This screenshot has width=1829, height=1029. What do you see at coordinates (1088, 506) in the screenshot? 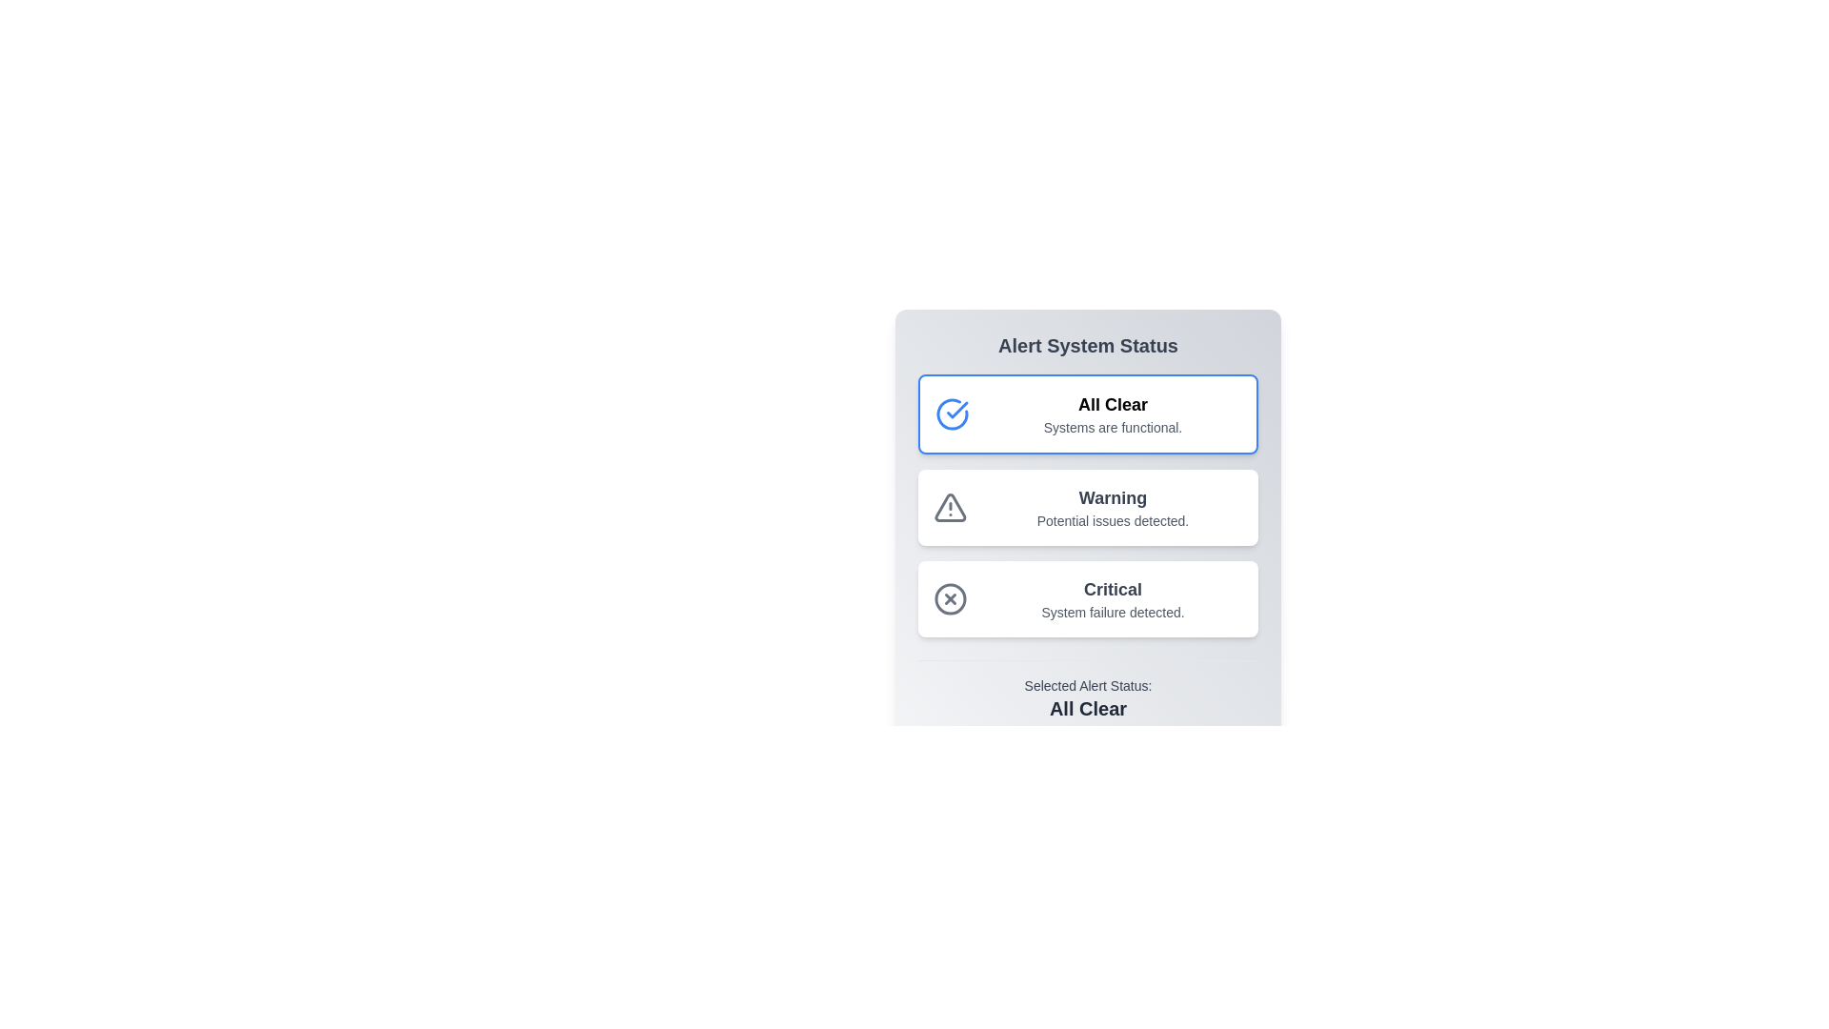
I see `the 'Warning' button with a white background and rounded corners to acknowledge or view more details about potential issues detected` at bounding box center [1088, 506].